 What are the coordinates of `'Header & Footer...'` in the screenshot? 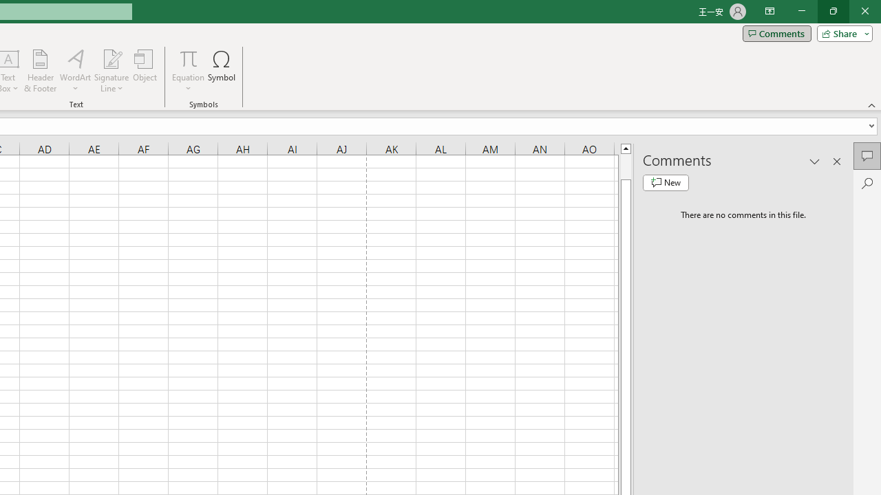 It's located at (40, 71).